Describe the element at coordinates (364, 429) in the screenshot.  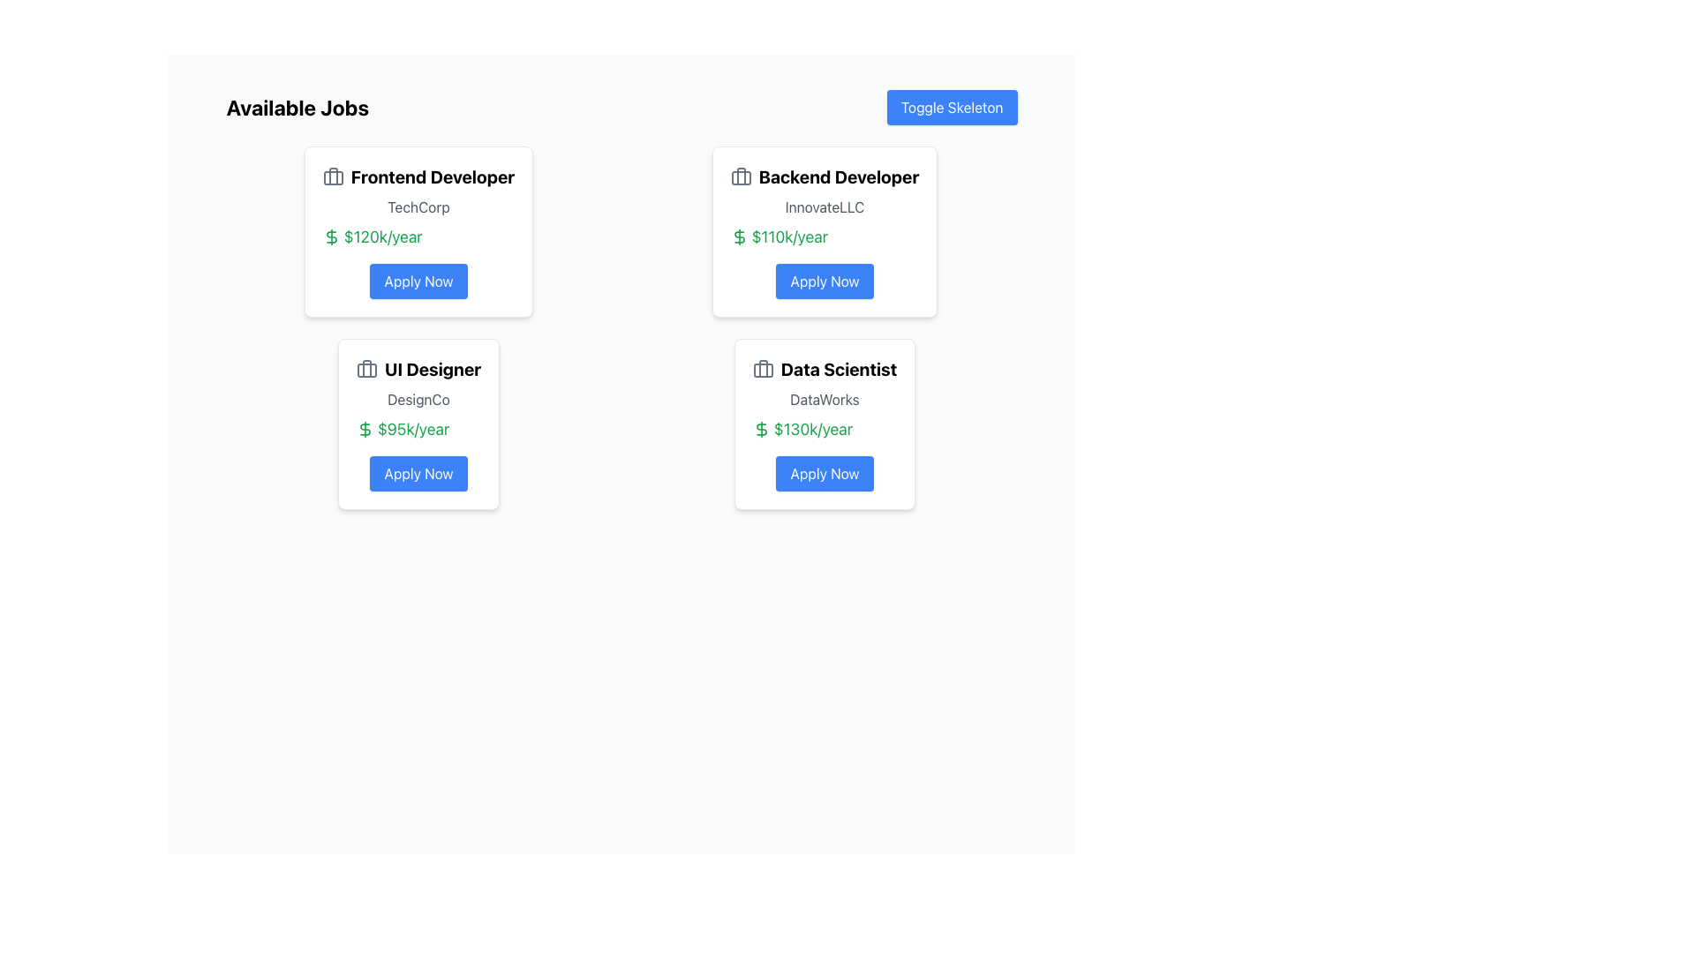
I see `the monetary value icon (SVG) that represents the salary information for the UI Designer job listing, located slightly below the job title and above the 'Apply Now' button` at that location.